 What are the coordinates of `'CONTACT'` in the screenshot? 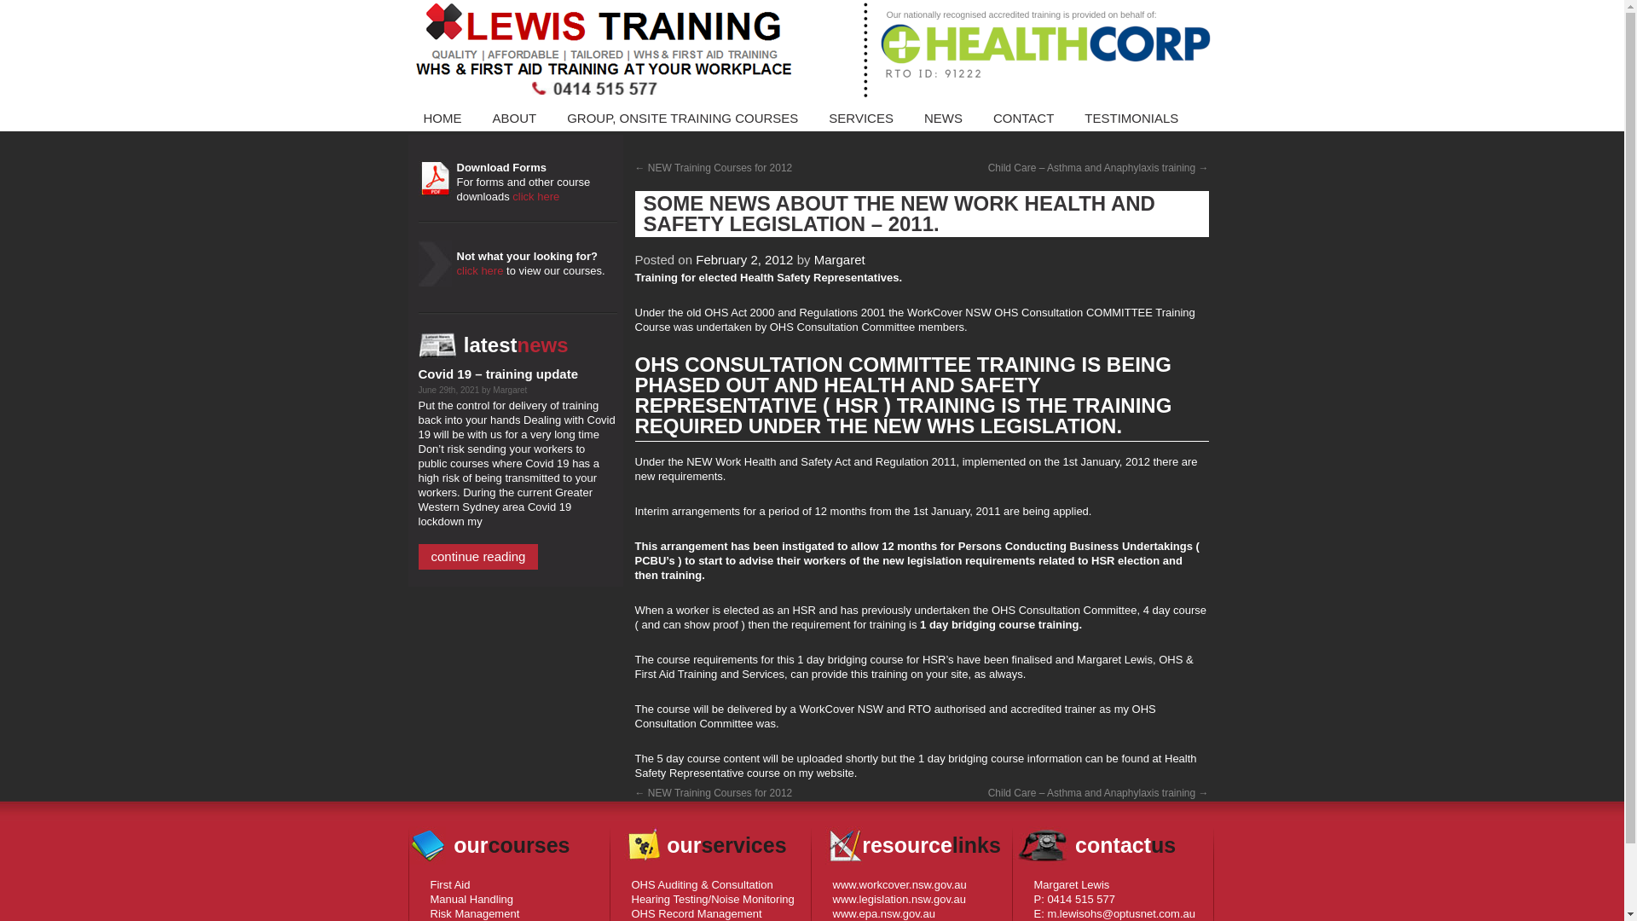 It's located at (1023, 117).